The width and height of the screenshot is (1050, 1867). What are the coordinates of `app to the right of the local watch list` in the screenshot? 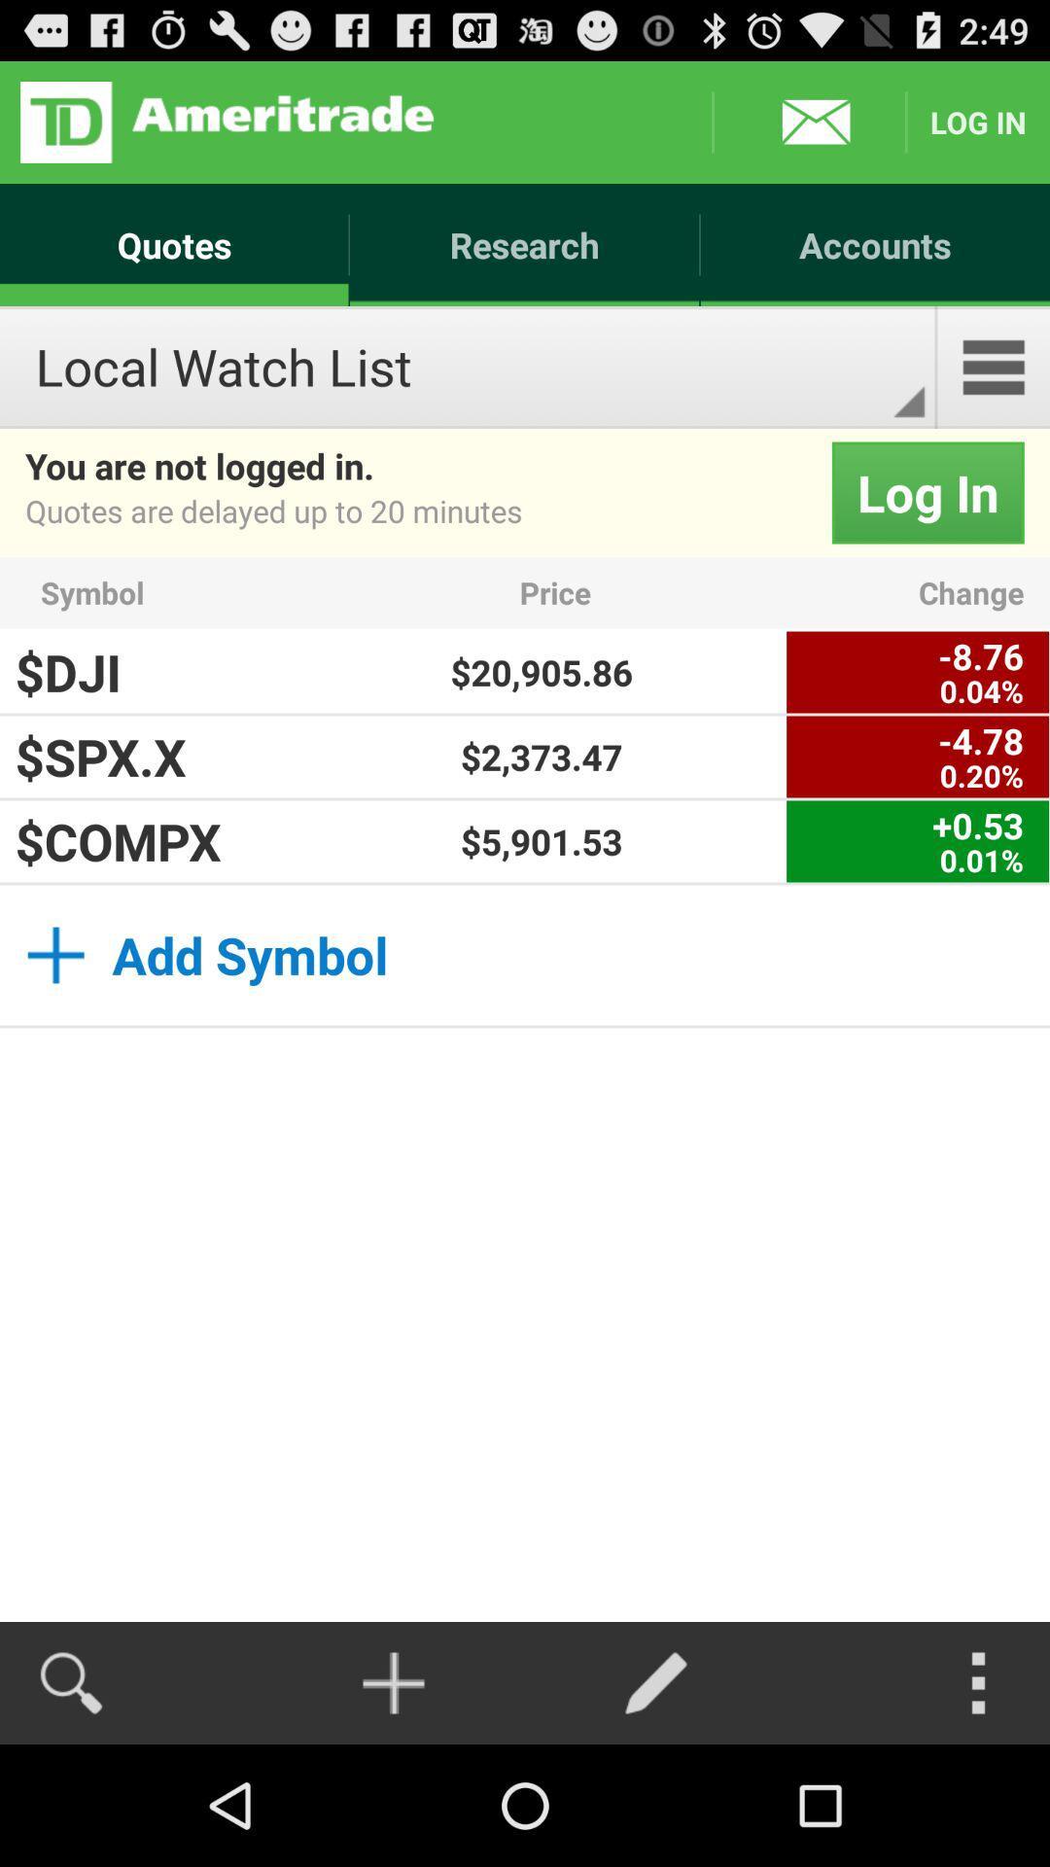 It's located at (994, 368).